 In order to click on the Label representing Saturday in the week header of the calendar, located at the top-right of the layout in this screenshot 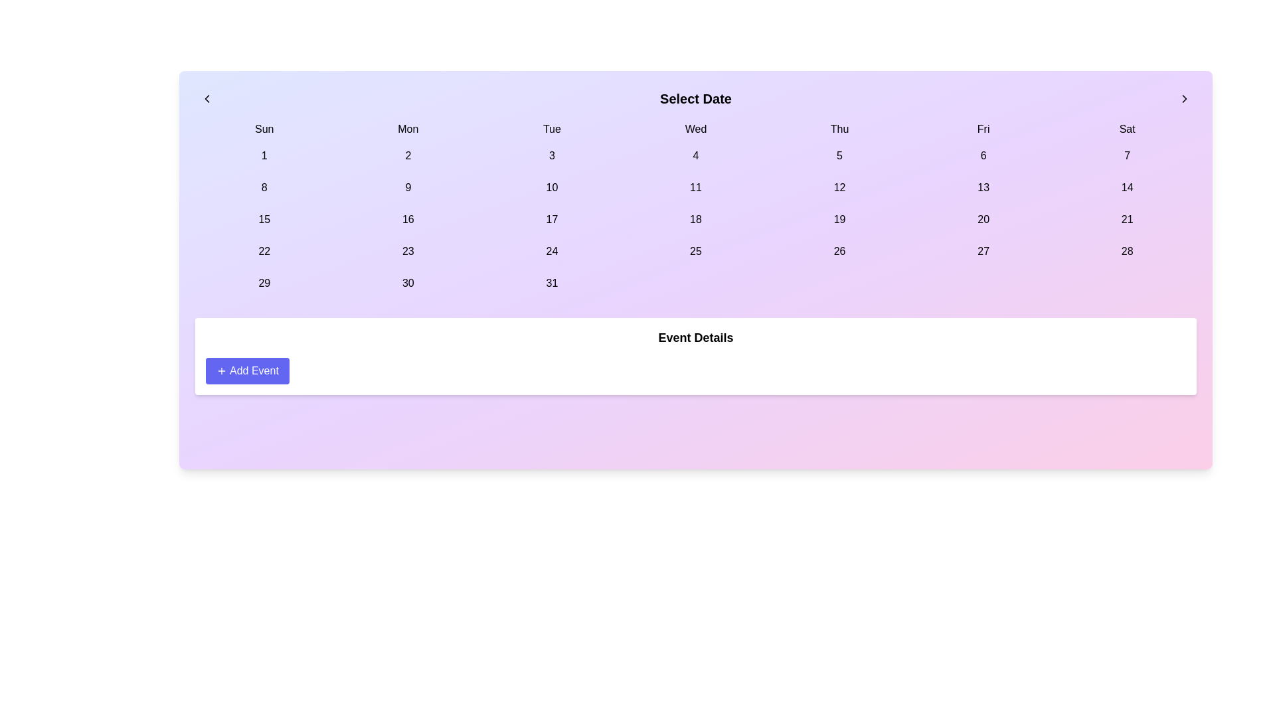, I will do `click(1126, 129)`.